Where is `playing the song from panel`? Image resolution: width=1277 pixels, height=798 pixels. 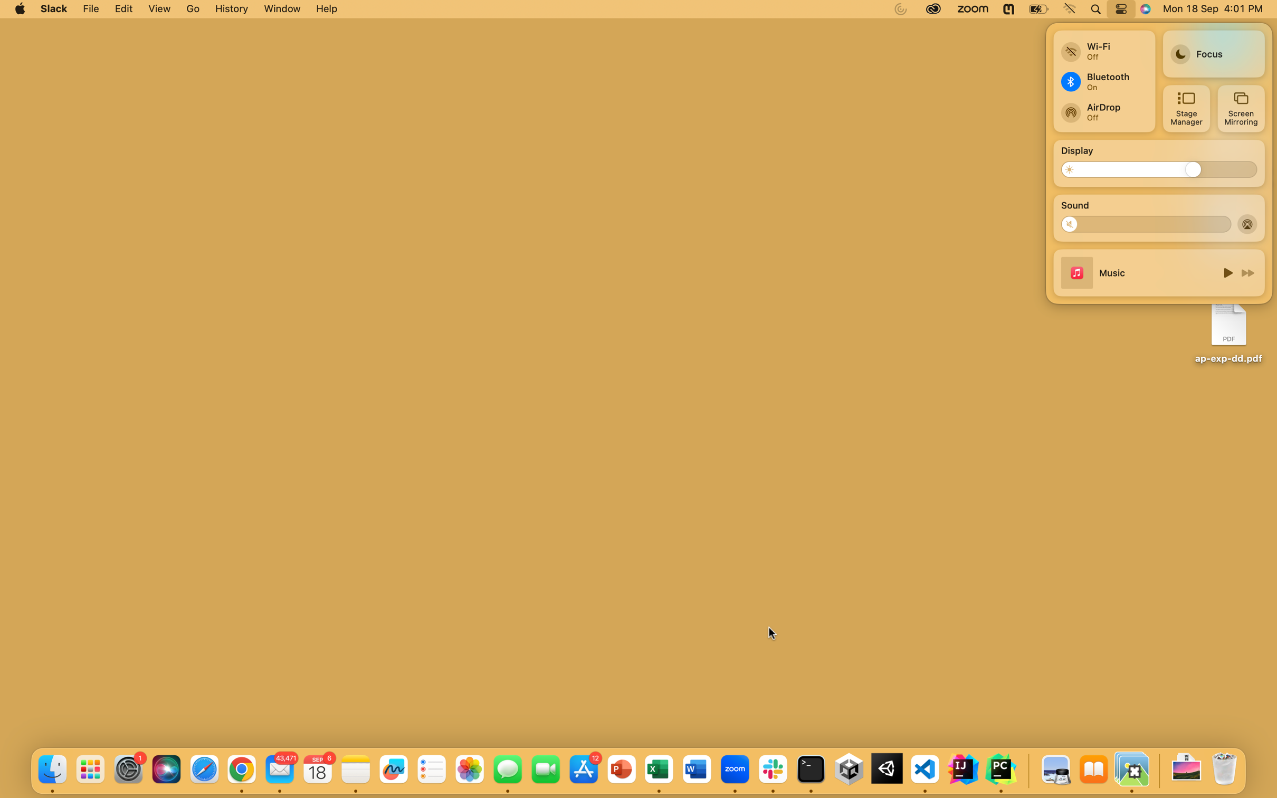 playing the song from panel is located at coordinates (1226, 272).